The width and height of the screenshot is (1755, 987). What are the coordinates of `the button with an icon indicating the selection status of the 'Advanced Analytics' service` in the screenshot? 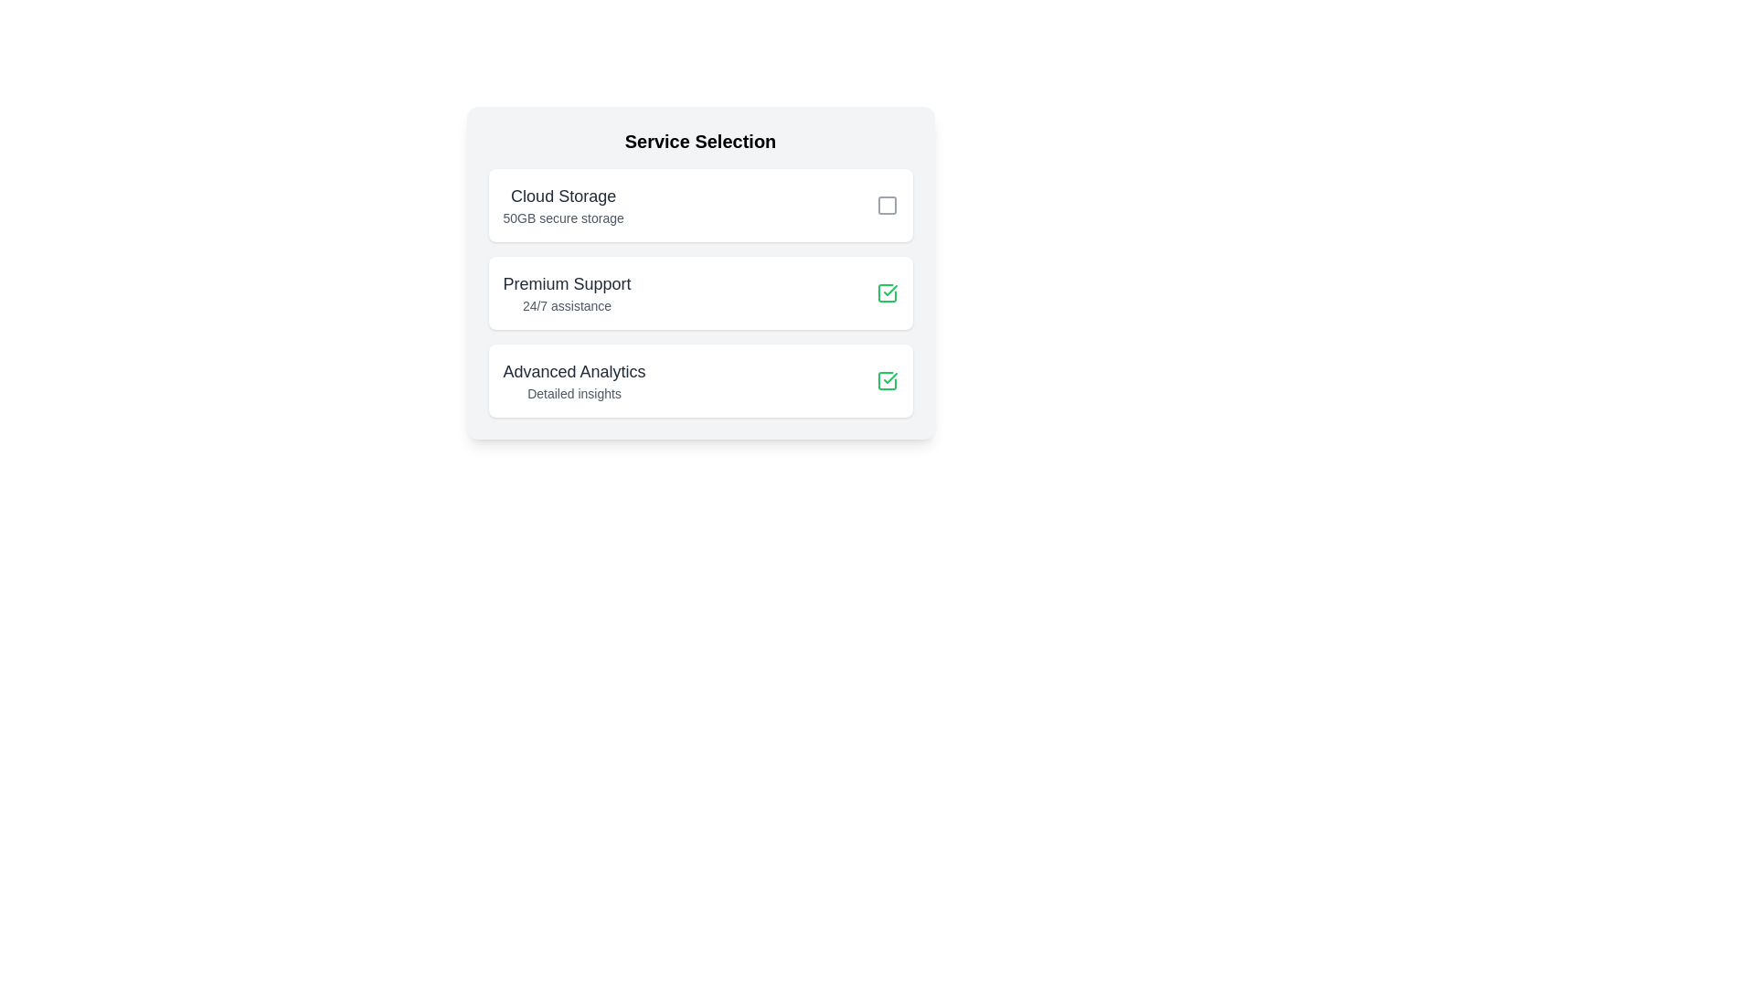 It's located at (887, 379).